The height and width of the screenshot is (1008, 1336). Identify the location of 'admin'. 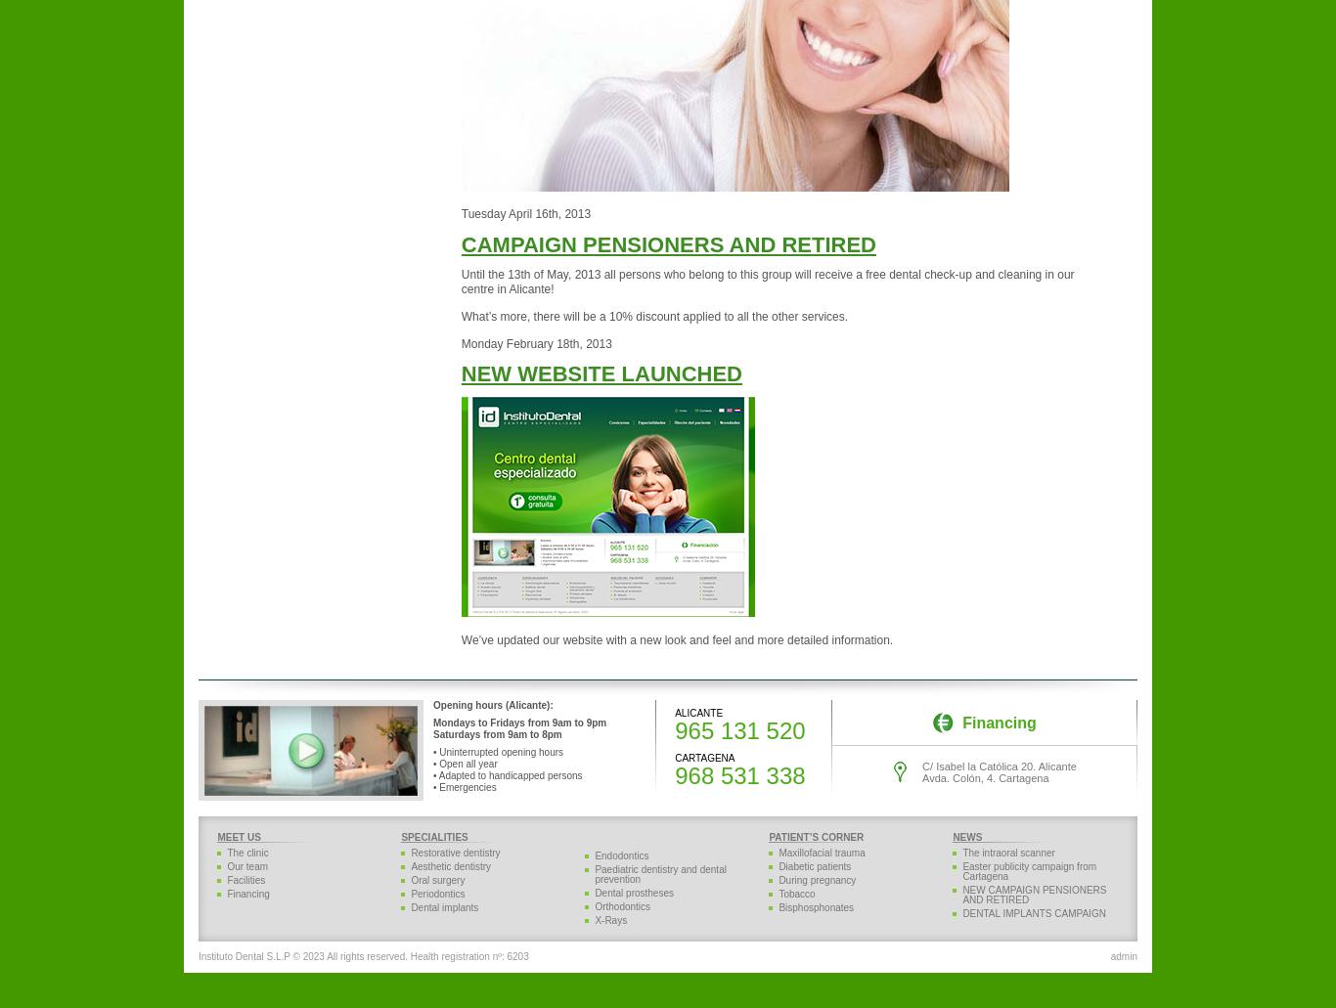
(1123, 955).